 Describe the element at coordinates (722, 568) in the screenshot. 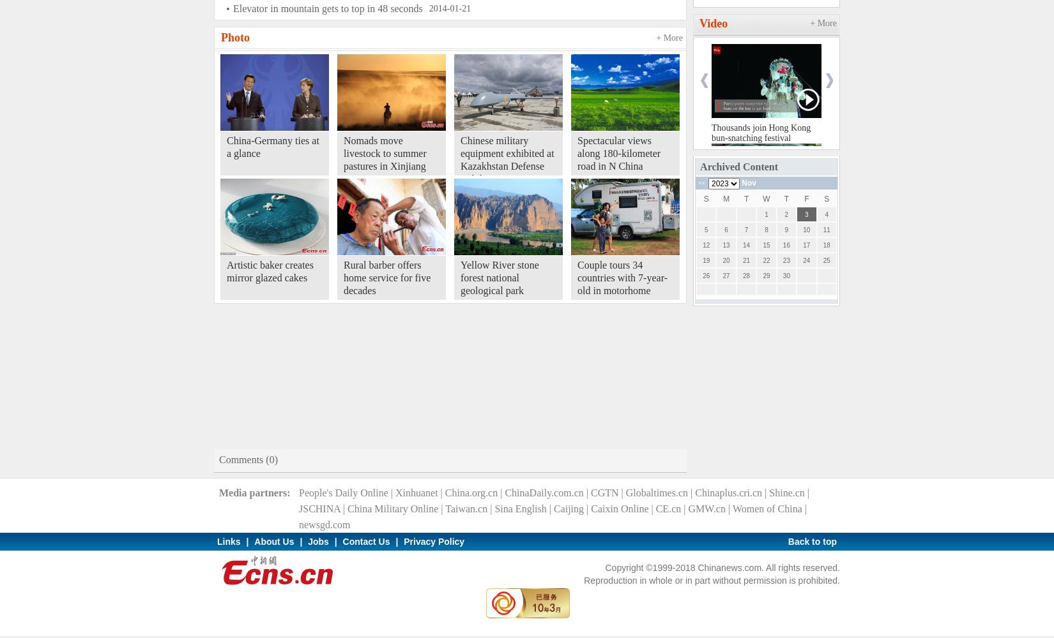

I see `'Copyright ©1999-2018
 Chinanews.com. All rights reserved.'` at that location.